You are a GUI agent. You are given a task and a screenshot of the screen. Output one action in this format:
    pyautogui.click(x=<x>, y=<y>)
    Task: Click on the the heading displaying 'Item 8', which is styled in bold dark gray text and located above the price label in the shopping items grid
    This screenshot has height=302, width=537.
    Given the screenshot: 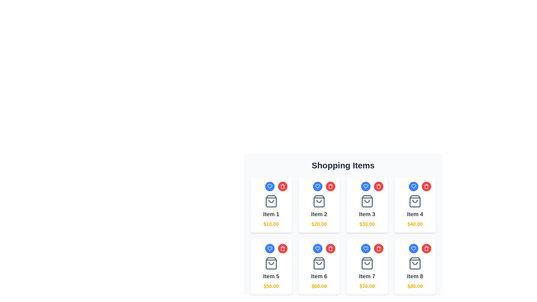 What is the action you would take?
    pyautogui.click(x=415, y=276)
    